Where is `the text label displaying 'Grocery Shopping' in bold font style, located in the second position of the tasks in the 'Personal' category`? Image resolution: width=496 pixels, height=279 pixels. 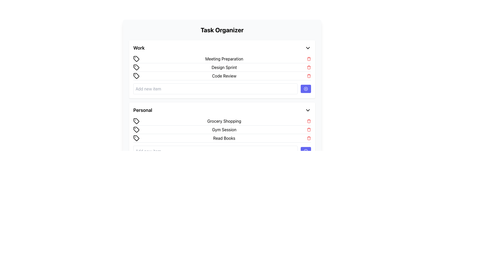
the text label displaying 'Grocery Shopping' in bold font style, located in the second position of the tasks in the 'Personal' category is located at coordinates (224, 121).